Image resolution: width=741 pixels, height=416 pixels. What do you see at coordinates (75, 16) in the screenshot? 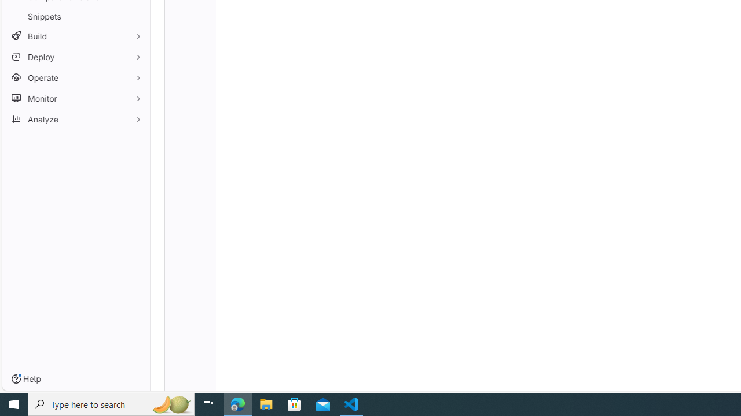
I see `'Snippets'` at bounding box center [75, 16].